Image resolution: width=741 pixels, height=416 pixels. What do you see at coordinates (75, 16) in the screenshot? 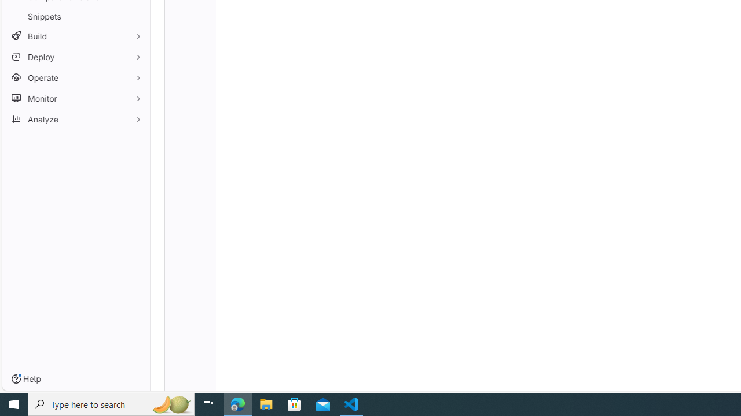
I see `'Snippets'` at bounding box center [75, 16].